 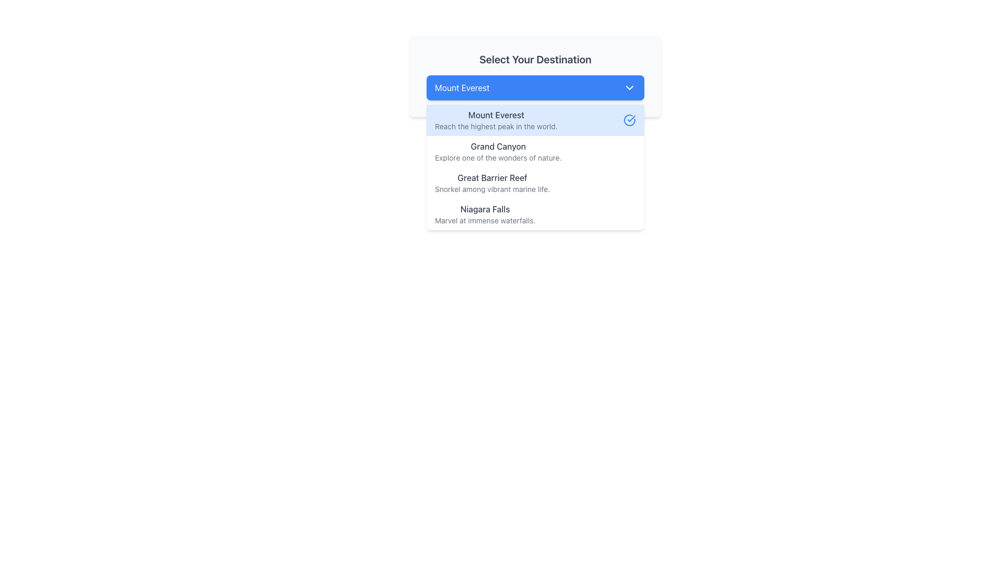 What do you see at coordinates (535, 130) in the screenshot?
I see `the first selectable option` at bounding box center [535, 130].